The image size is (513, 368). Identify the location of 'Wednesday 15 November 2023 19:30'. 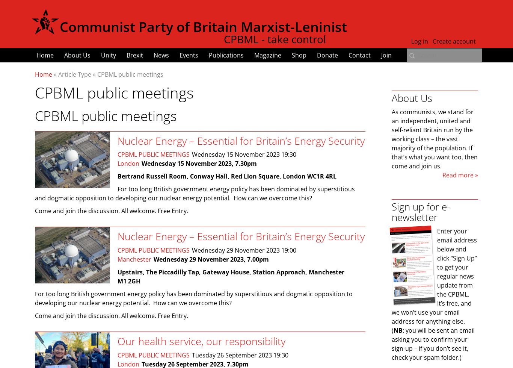
(243, 154).